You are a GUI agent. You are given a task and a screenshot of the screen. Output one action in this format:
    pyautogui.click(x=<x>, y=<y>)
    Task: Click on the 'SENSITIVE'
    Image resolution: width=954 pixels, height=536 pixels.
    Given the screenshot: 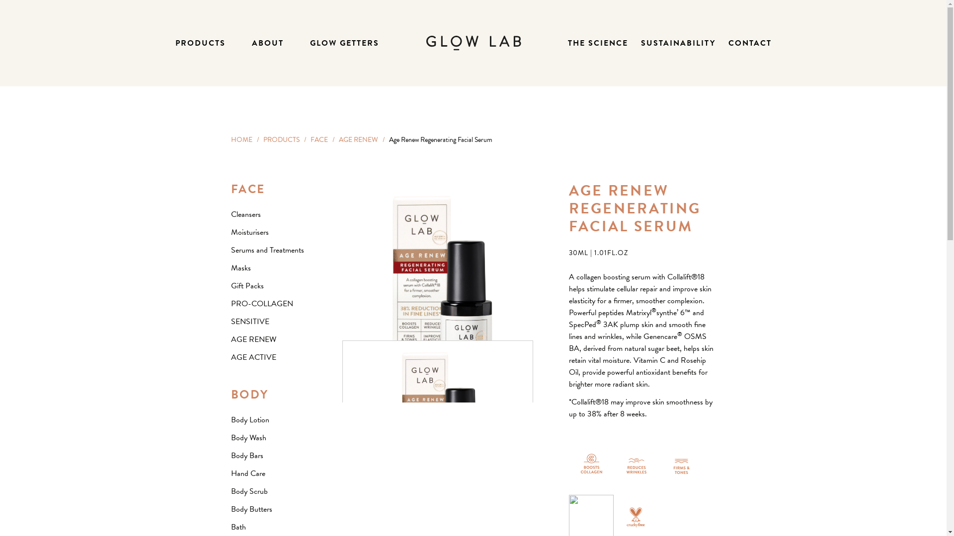 What is the action you would take?
    pyautogui.click(x=249, y=322)
    